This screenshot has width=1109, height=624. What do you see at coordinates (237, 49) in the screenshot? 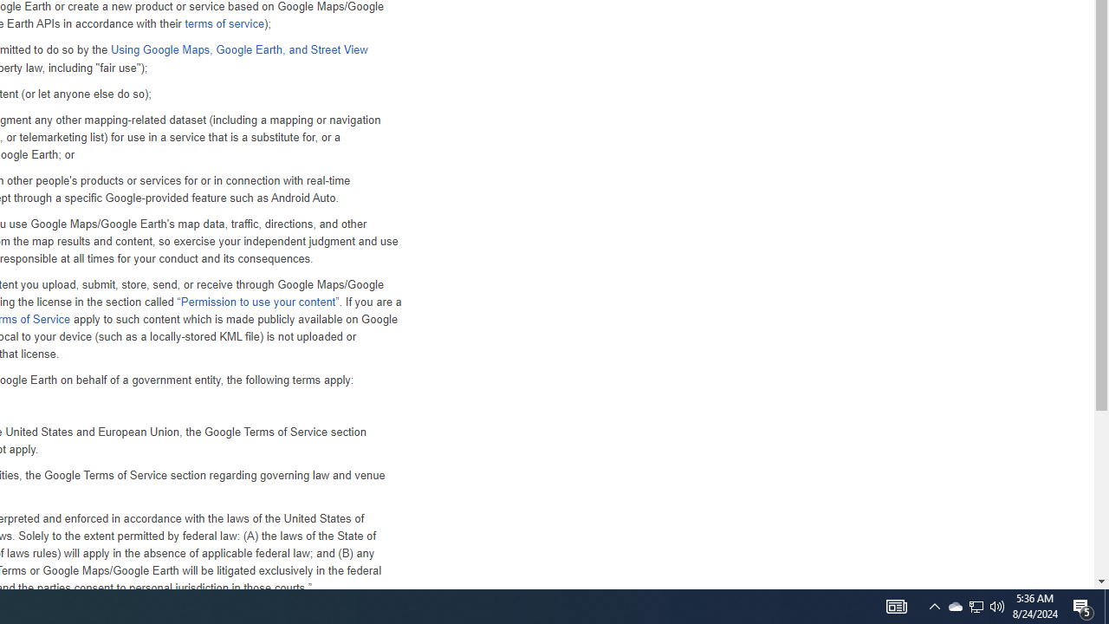
I see `'Using Google Maps, Google Earth, and Street View'` at bounding box center [237, 49].